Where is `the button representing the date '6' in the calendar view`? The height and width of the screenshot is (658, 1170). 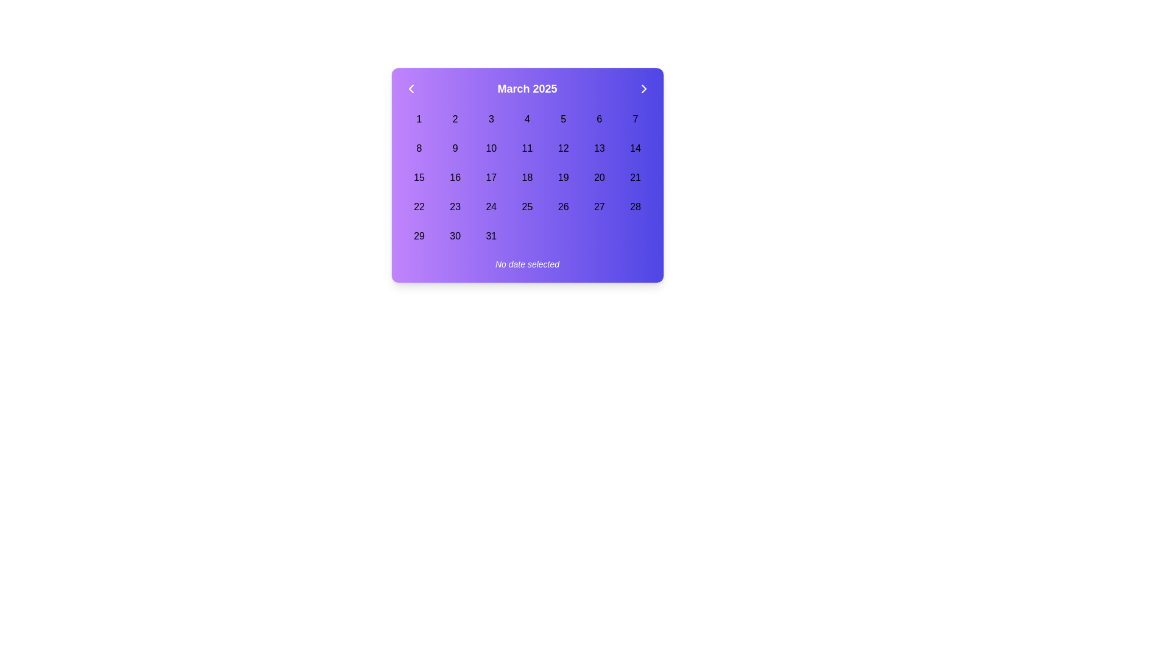 the button representing the date '6' in the calendar view is located at coordinates (599, 119).